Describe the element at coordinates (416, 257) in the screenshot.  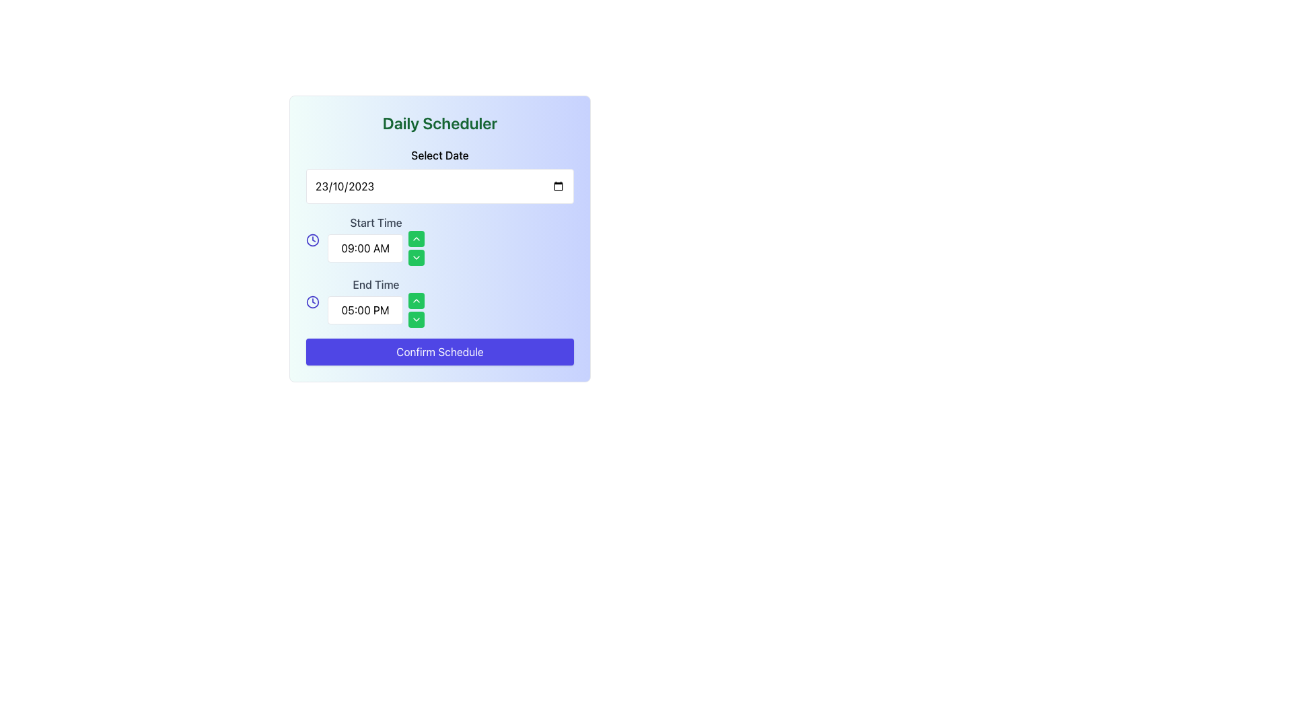
I see `the second green button for decreasing the Start Time value in the Daily Scheduler interface` at that location.